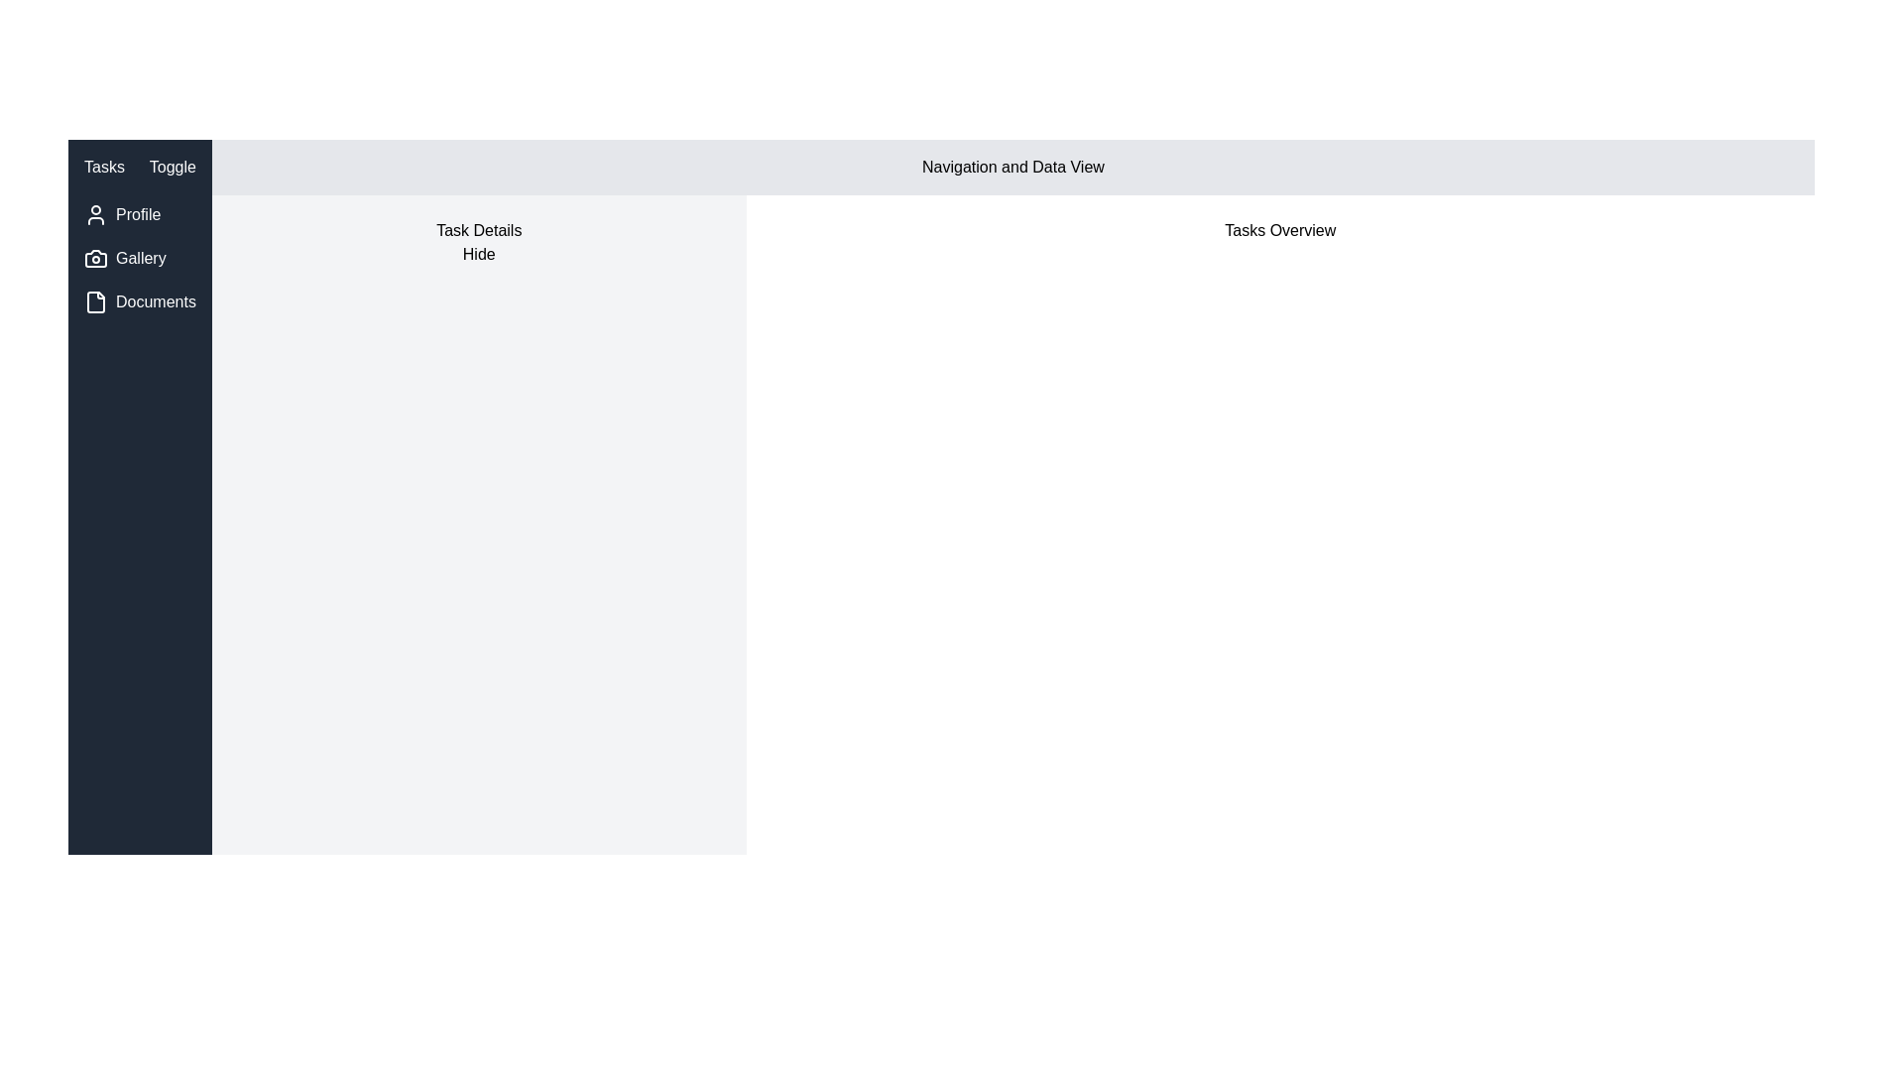 This screenshot has width=1904, height=1071. What do you see at coordinates (139, 258) in the screenshot?
I see `to activate the 'Gallery' menu option in the vertical navigation menu, which is the second option in the stack of 'Profile', 'Gallery', and 'Documents'` at bounding box center [139, 258].